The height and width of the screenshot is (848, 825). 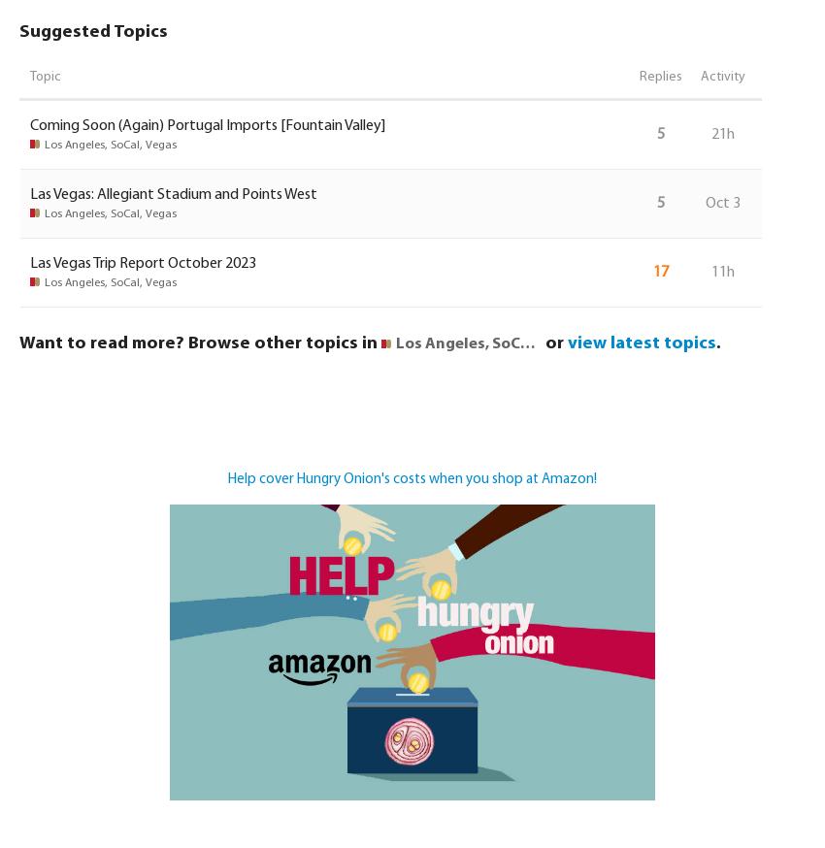 What do you see at coordinates (718, 342) in the screenshot?
I see `'.'` at bounding box center [718, 342].